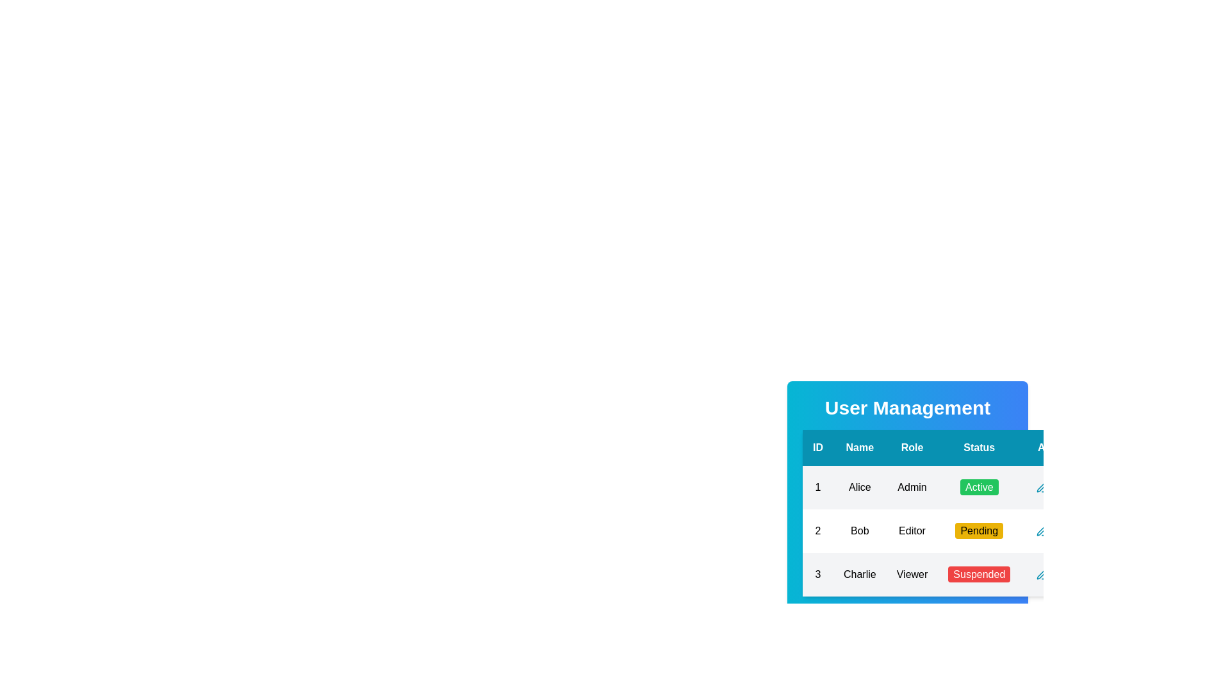 This screenshot has width=1230, height=692. What do you see at coordinates (817, 531) in the screenshot?
I see `the numeral '2' element in the table under the 'ID' column, which is associated with the entry for 'Bob'` at bounding box center [817, 531].